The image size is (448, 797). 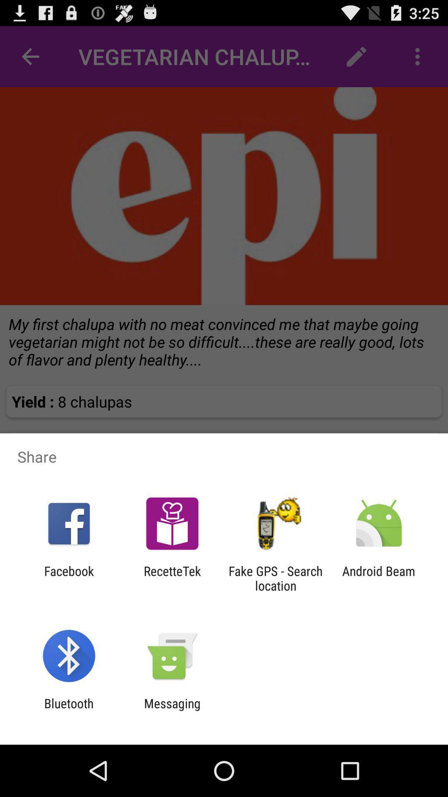 What do you see at coordinates (379, 578) in the screenshot?
I see `android beam app` at bounding box center [379, 578].